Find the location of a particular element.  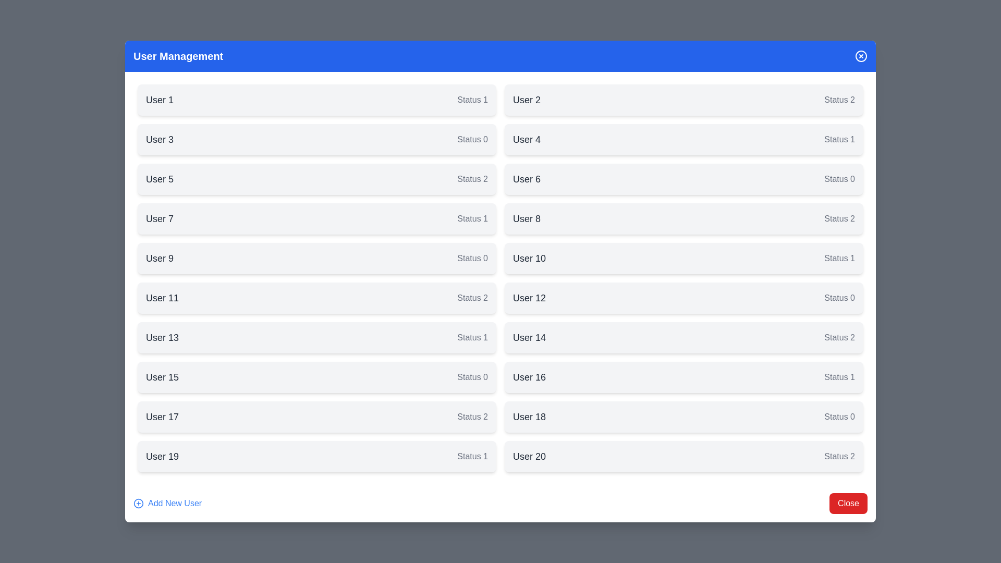

the 'Close' button to close the dialog is located at coordinates (848, 503).